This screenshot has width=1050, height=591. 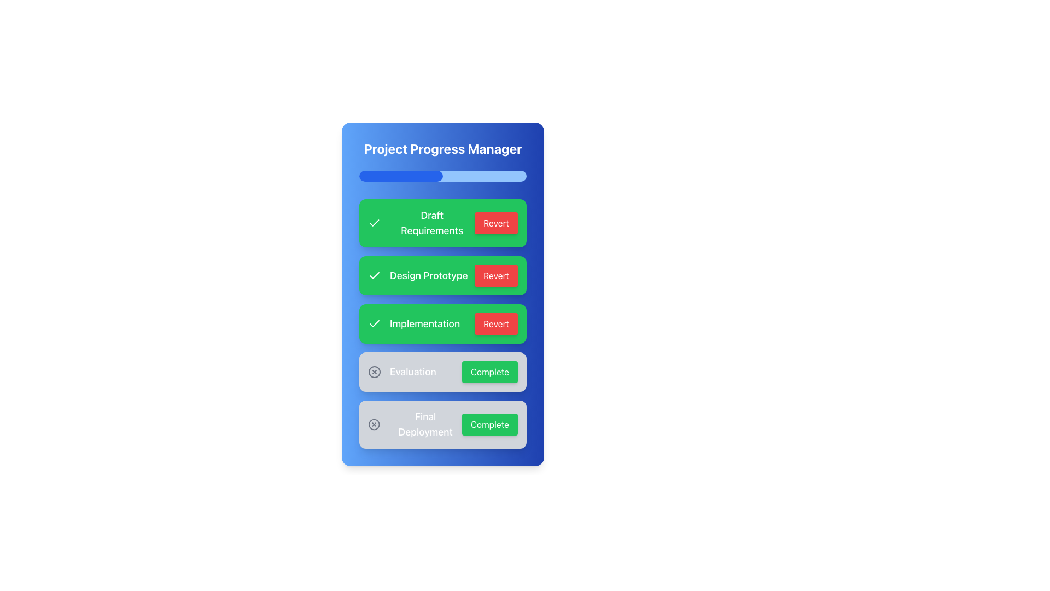 What do you see at coordinates (468, 175) in the screenshot?
I see `progress bar` at bounding box center [468, 175].